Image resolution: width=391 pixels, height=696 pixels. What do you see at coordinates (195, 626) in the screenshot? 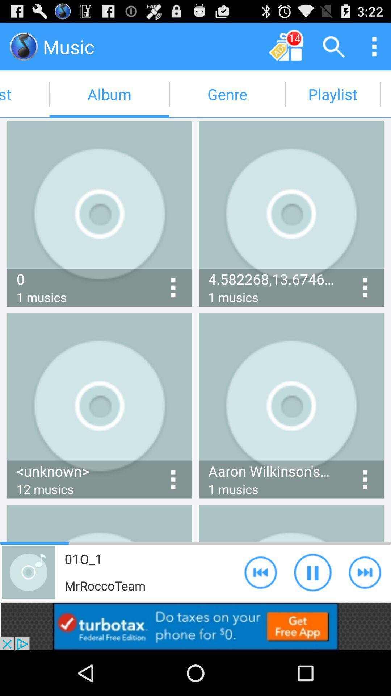
I see `click the advertisement for turbotax` at bounding box center [195, 626].